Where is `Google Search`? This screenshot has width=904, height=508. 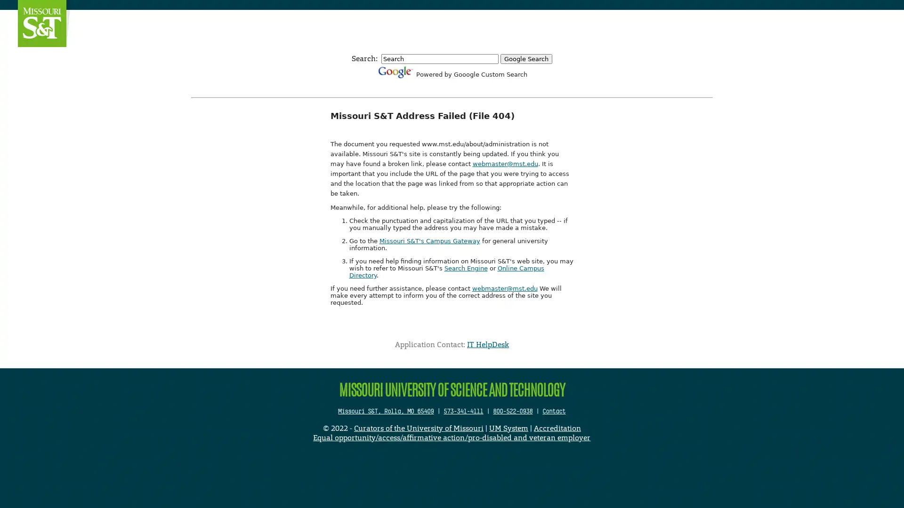 Google Search is located at coordinates (526, 59).